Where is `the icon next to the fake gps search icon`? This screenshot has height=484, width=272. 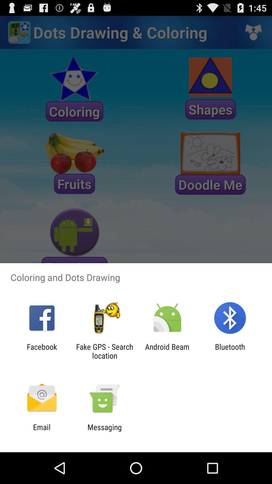
the icon next to the fake gps search icon is located at coordinates (167, 351).